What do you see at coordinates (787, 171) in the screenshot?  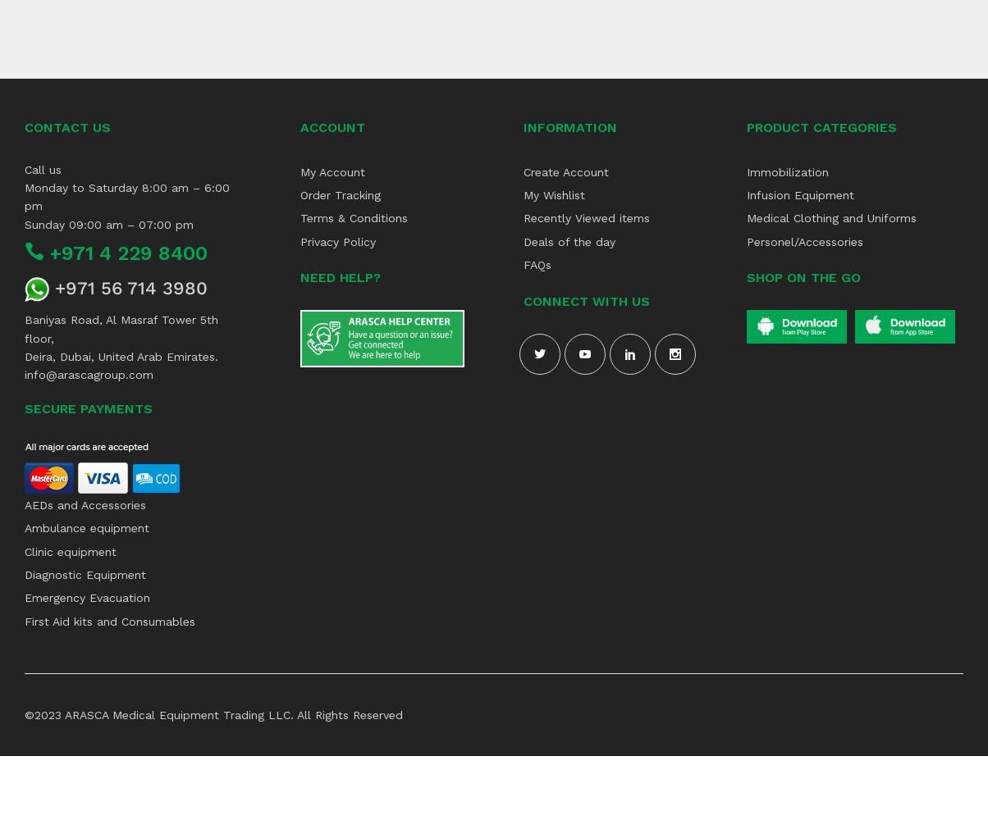 I see `'Immobilization'` at bounding box center [787, 171].